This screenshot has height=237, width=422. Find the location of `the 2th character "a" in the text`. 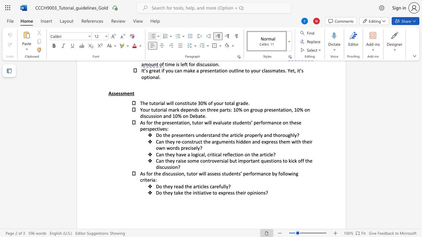

the 2th character "a" in the text is located at coordinates (213, 141).